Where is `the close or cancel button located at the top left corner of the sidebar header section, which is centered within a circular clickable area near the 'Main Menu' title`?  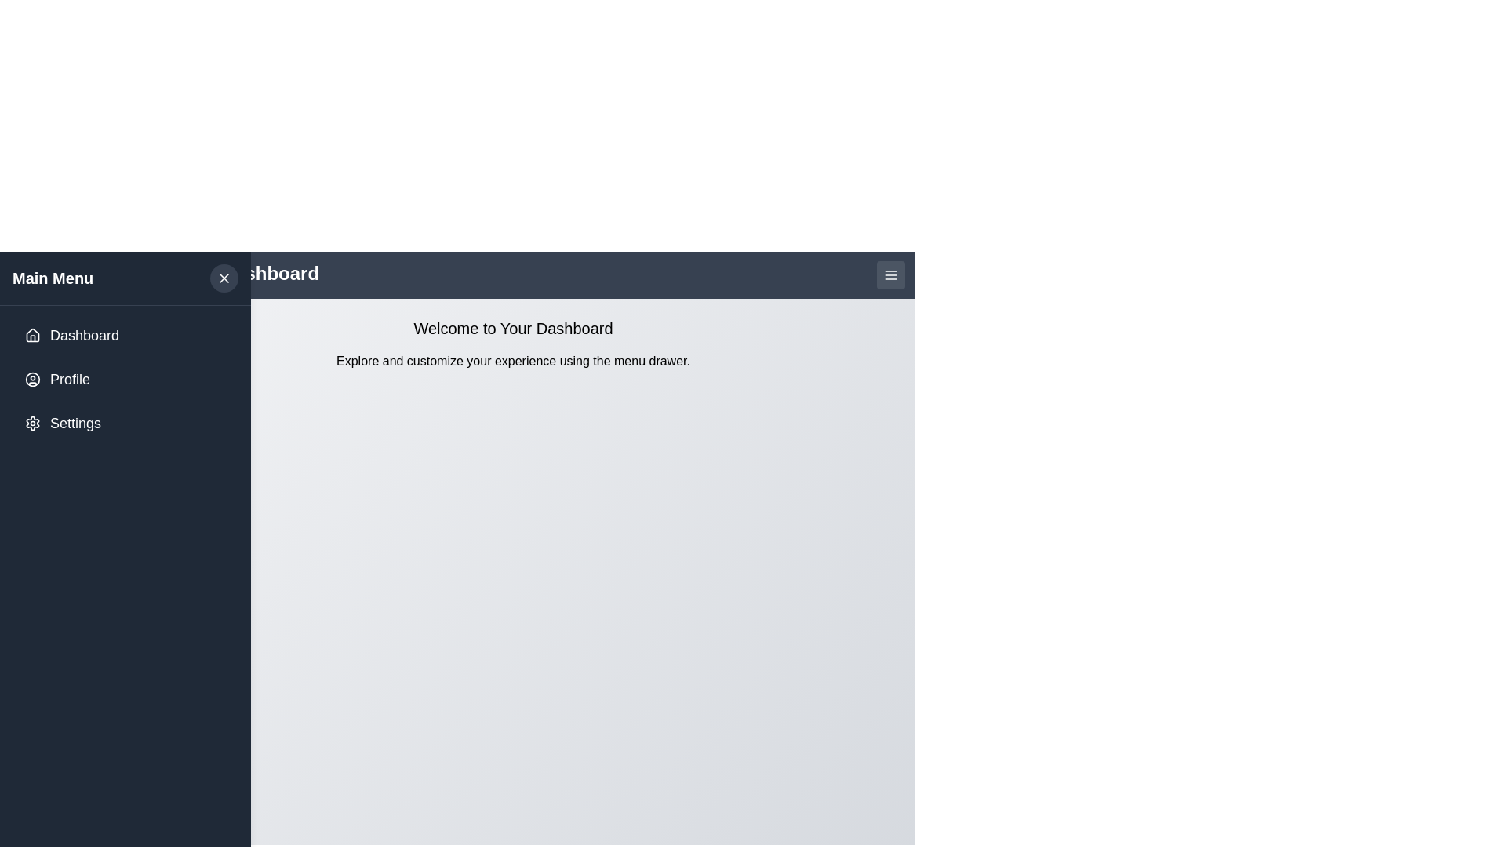 the close or cancel button located at the top left corner of the sidebar header section, which is centered within a circular clickable area near the 'Main Menu' title is located at coordinates (224, 277).